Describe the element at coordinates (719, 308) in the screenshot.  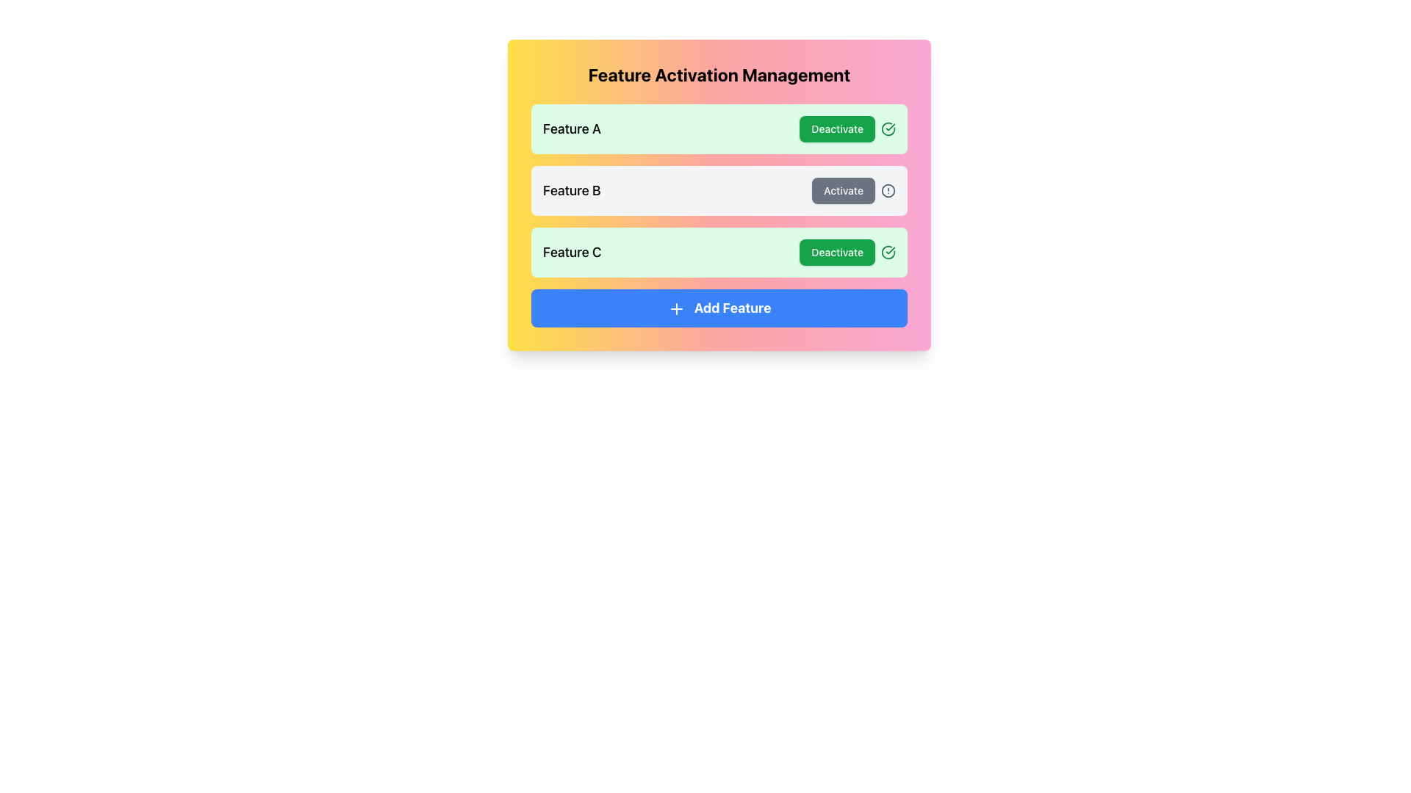
I see `the blue rectangular button labeled 'Add Feature'` at that location.